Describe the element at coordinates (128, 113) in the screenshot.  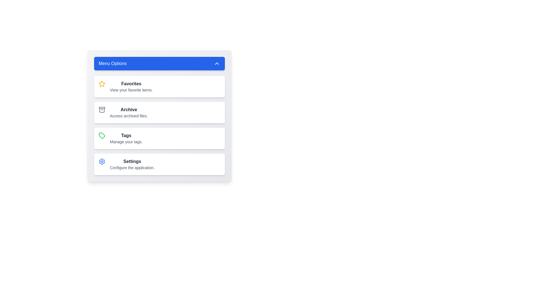
I see `text content of the 'Archive' element, which includes the title in bold and the description below it, located in the second item of a vertical list in the menu component` at that location.